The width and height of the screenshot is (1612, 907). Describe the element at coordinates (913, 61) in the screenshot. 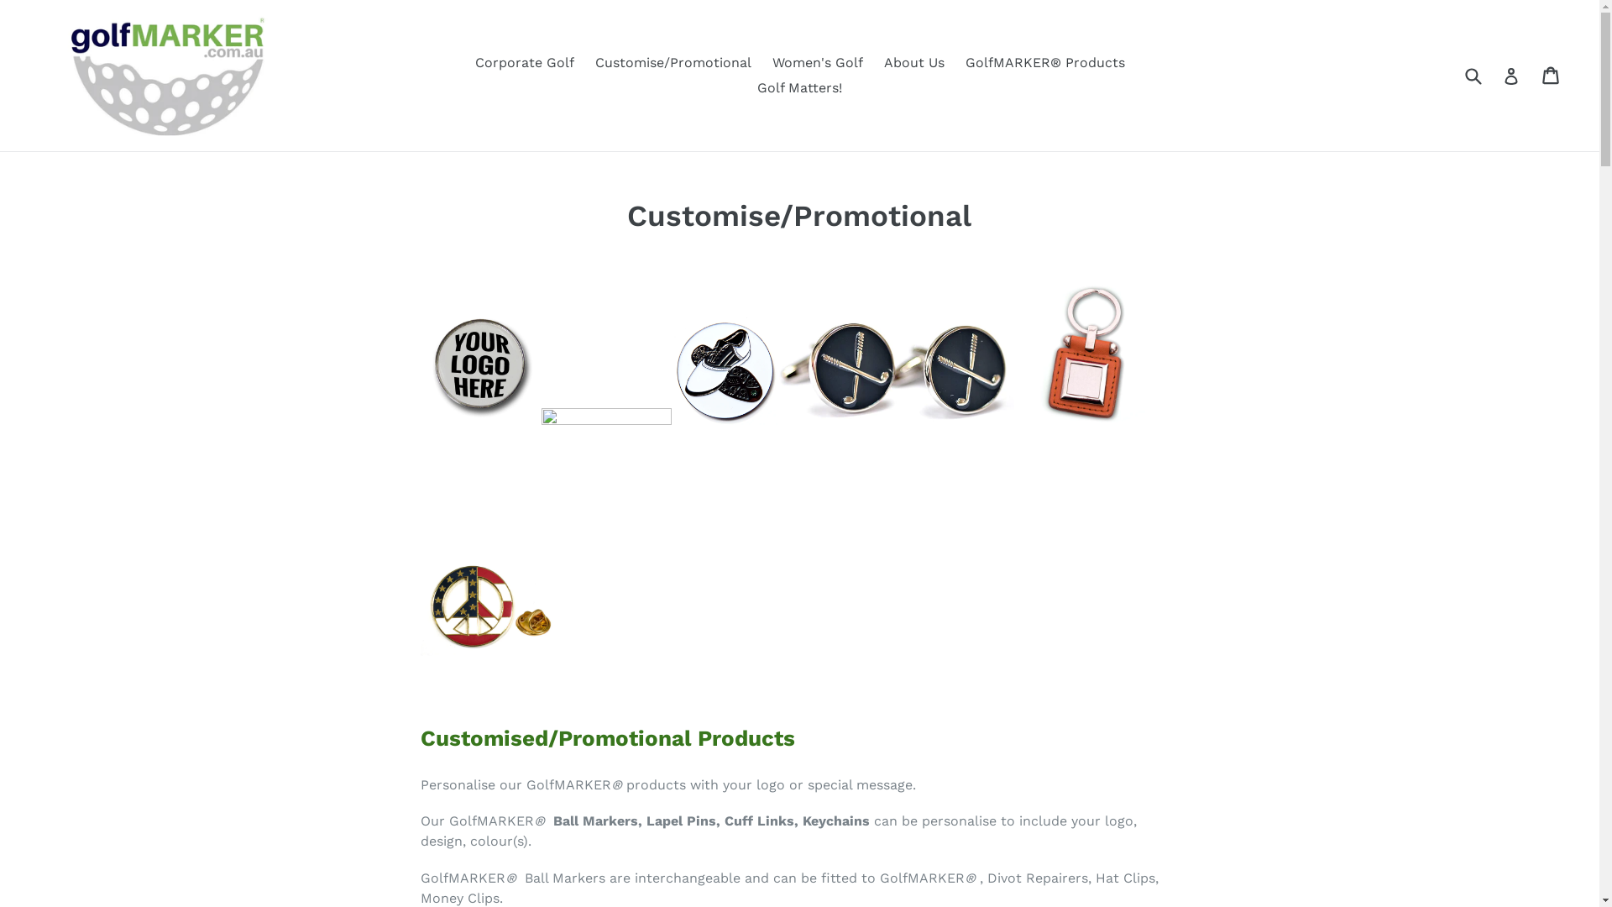

I see `'About Us'` at that location.